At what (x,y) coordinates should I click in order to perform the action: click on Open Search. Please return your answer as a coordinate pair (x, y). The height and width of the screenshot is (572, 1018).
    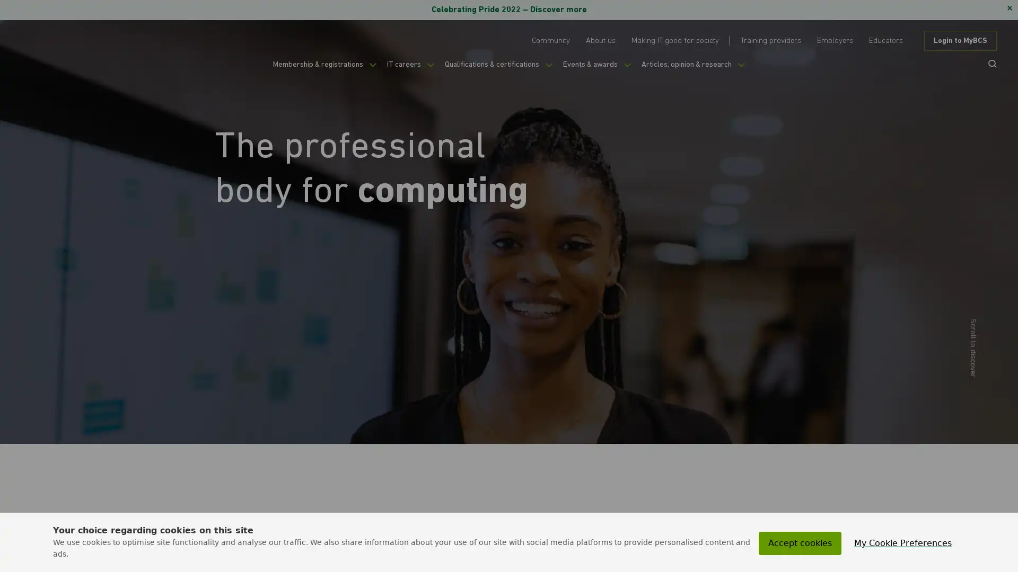
    Looking at the image, I should click on (988, 63).